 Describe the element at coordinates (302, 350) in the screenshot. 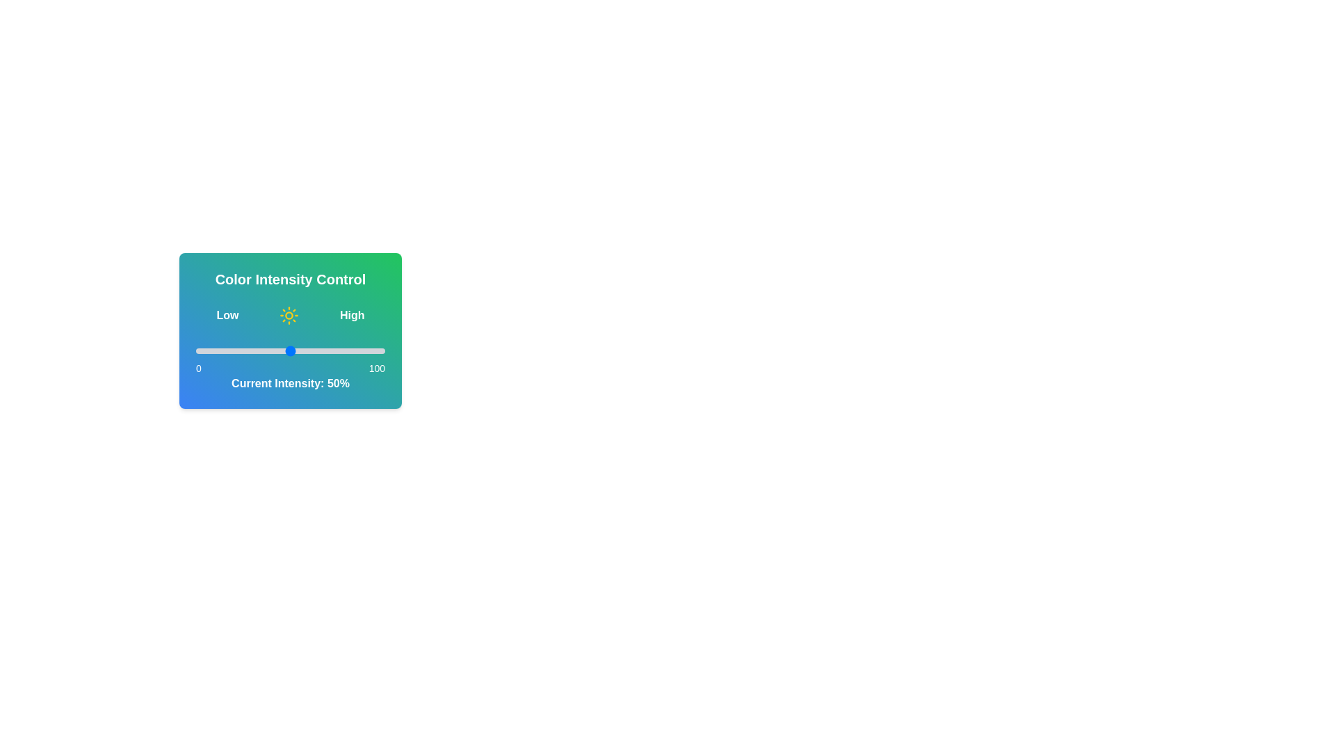

I see `the intensity value` at that location.